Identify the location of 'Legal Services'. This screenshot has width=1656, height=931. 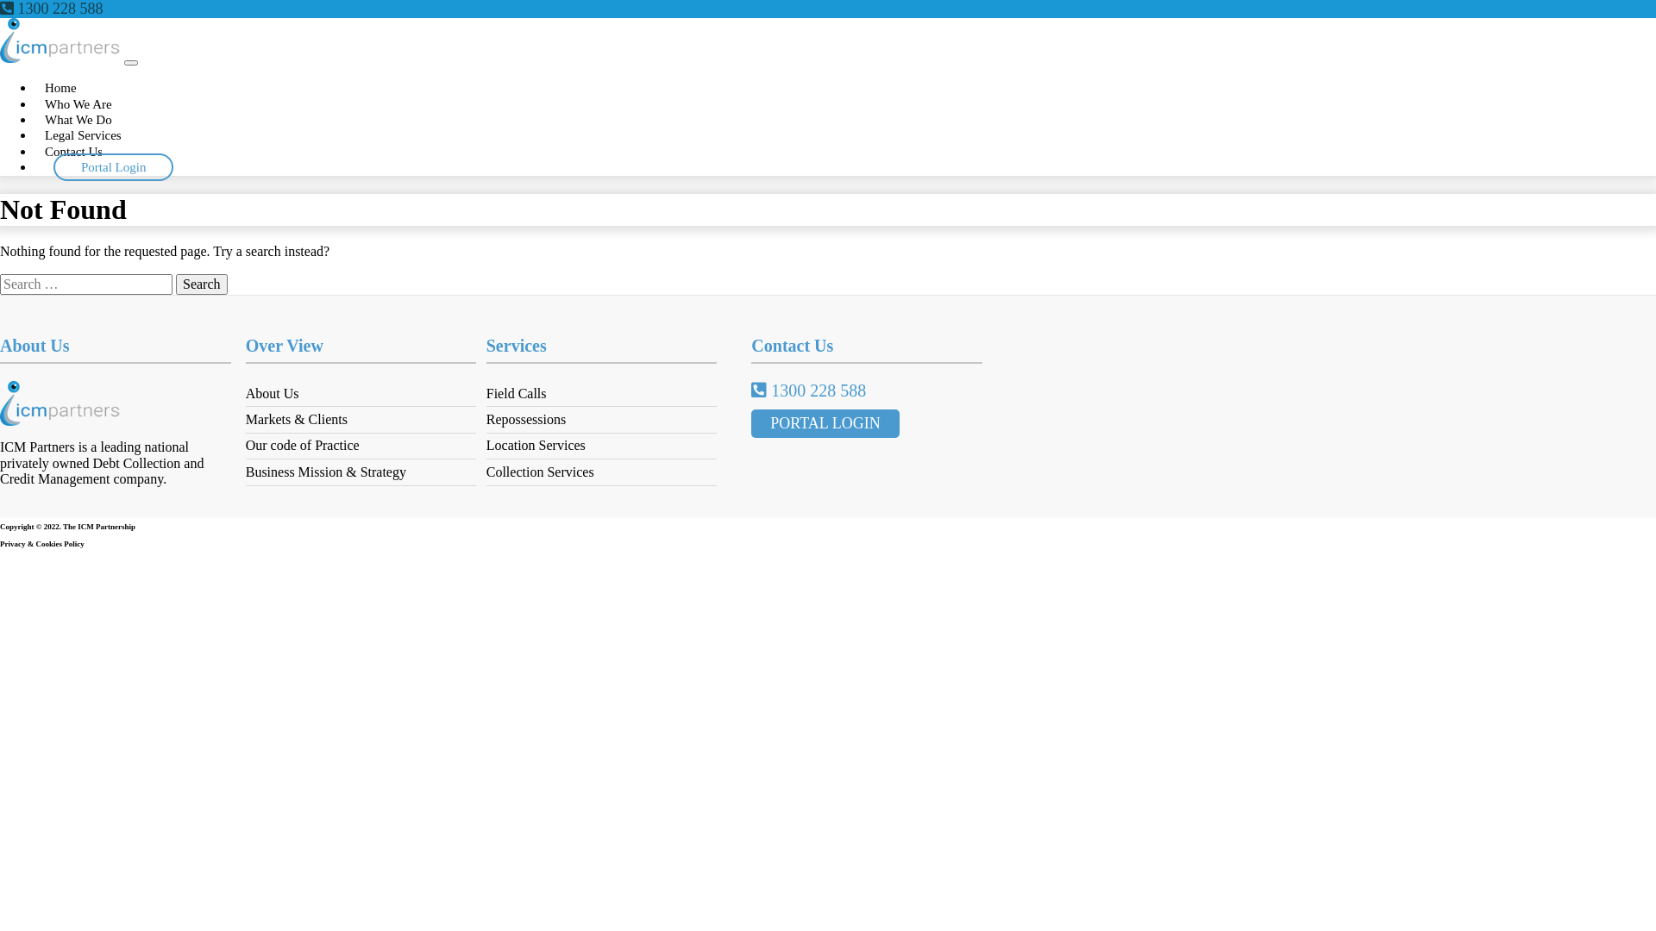
(82, 134).